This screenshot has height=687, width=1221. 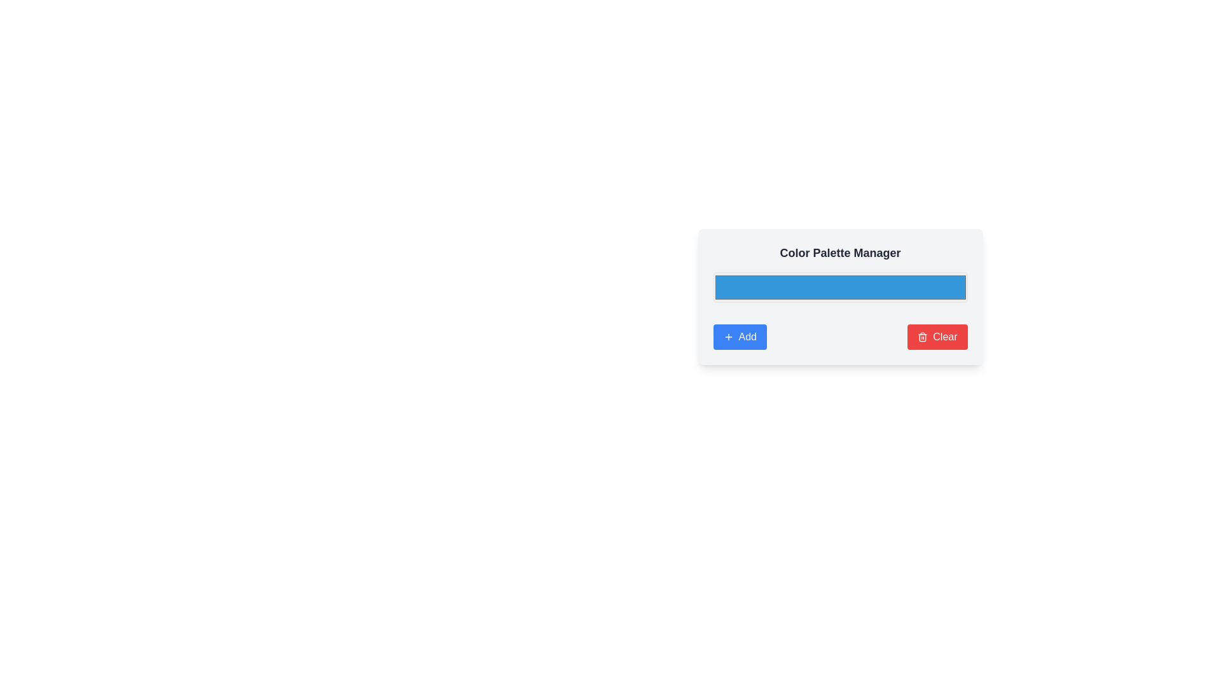 What do you see at coordinates (840, 296) in the screenshot?
I see `the color input field` at bounding box center [840, 296].